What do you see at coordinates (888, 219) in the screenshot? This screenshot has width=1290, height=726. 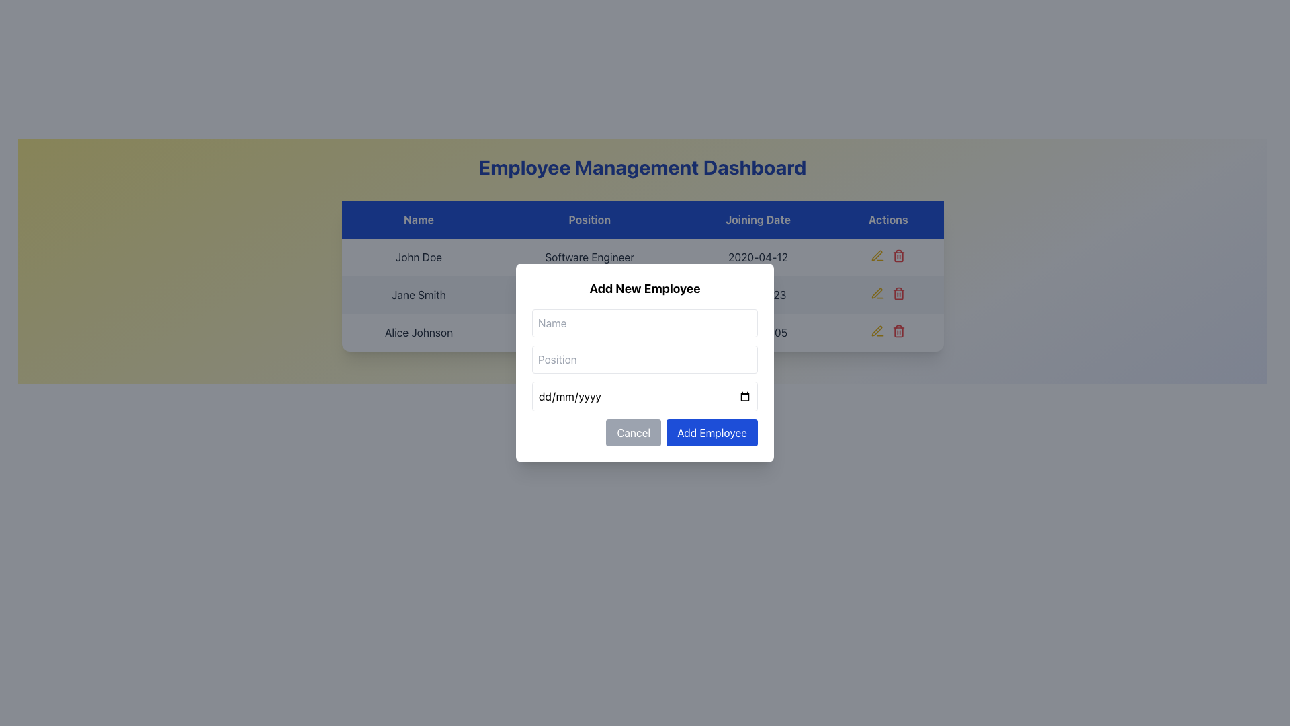 I see `the text label displaying 'Actions' in light font color against a blue background, which is the rightmost element in the header row of the interface` at bounding box center [888, 219].